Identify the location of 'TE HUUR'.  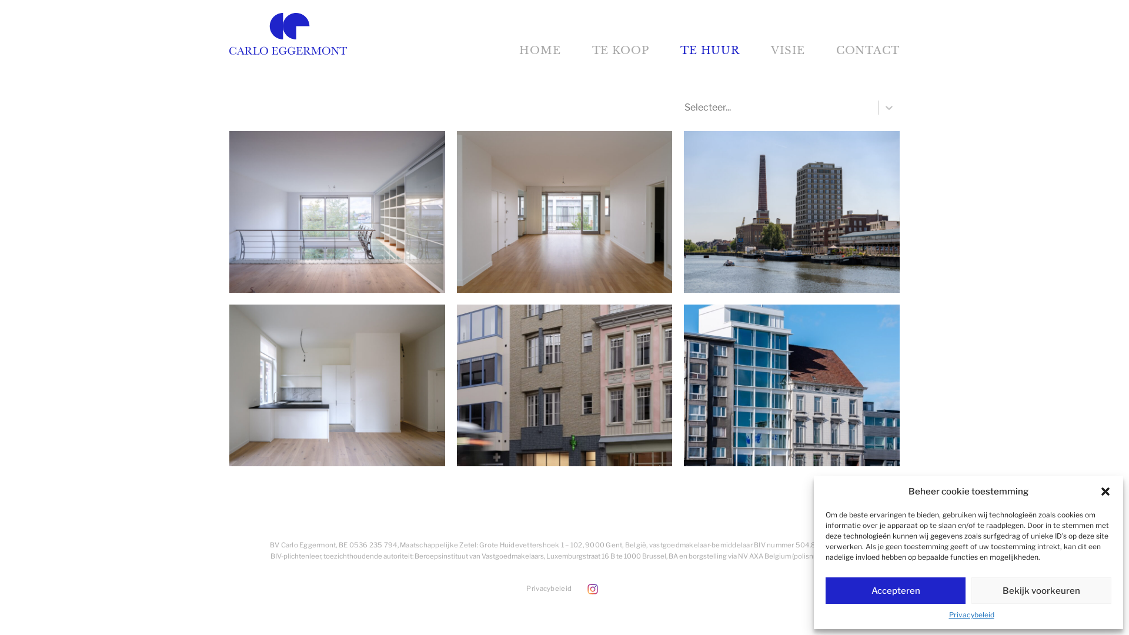
(709, 49).